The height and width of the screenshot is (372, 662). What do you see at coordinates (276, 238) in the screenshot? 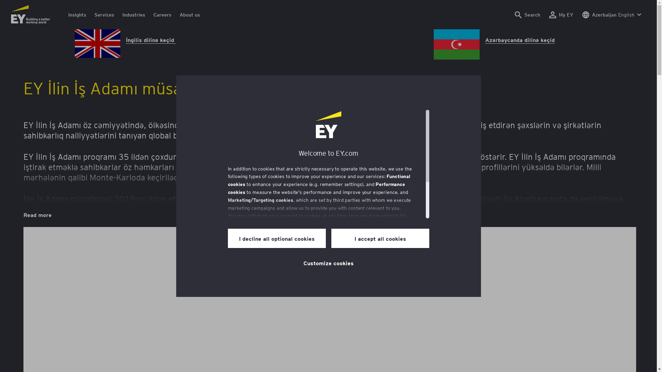
I see `'I decline all optional cookies'` at bounding box center [276, 238].